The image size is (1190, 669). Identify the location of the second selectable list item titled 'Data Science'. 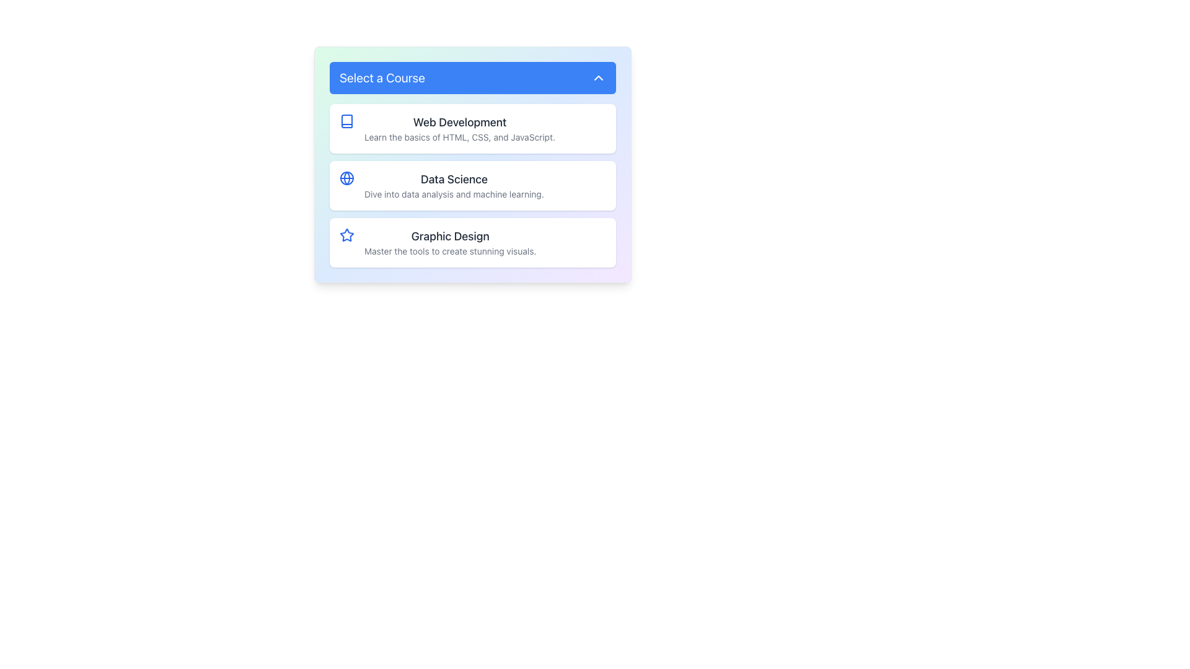
(472, 164).